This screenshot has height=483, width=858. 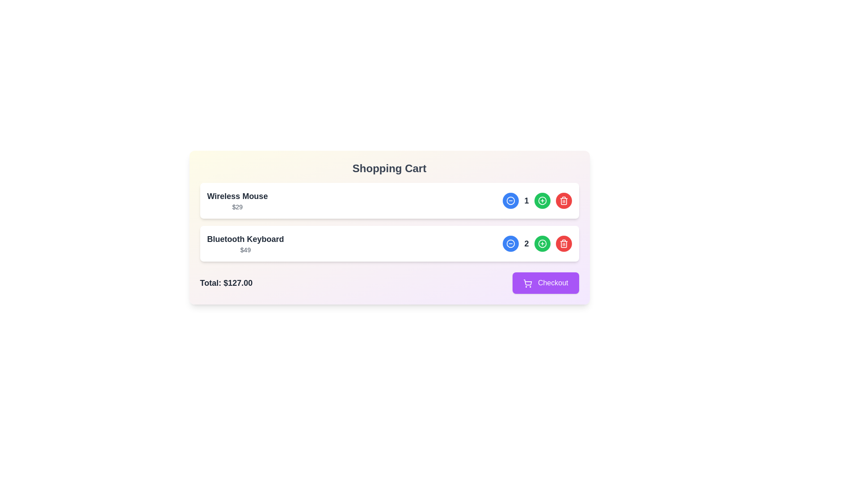 I want to click on the decrement button for the 'Bluetooth Keyboard' located to the left of the increment button, so click(x=511, y=243).